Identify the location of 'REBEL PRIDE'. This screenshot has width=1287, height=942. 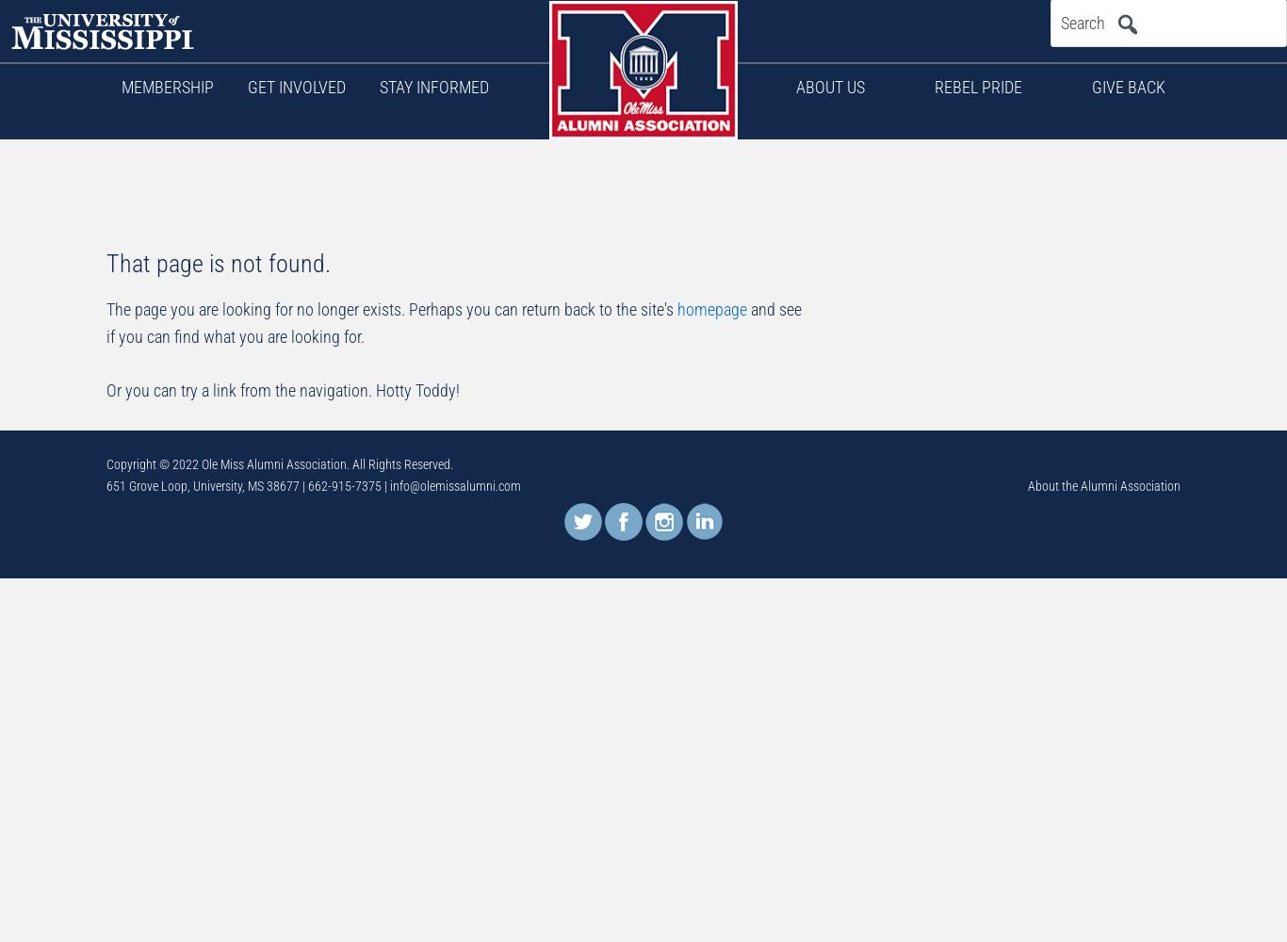
(977, 86).